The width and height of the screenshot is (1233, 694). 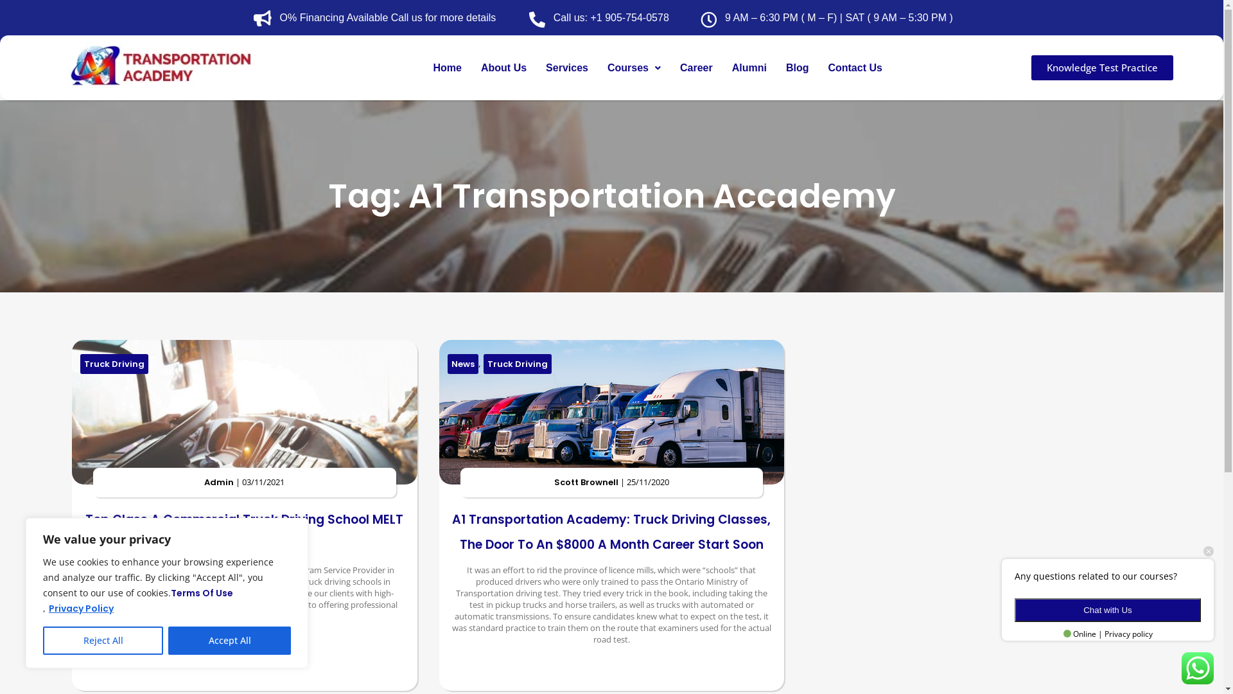 I want to click on 'Top Class A Commercial Truck Driving School MELT Program', so click(x=244, y=532).